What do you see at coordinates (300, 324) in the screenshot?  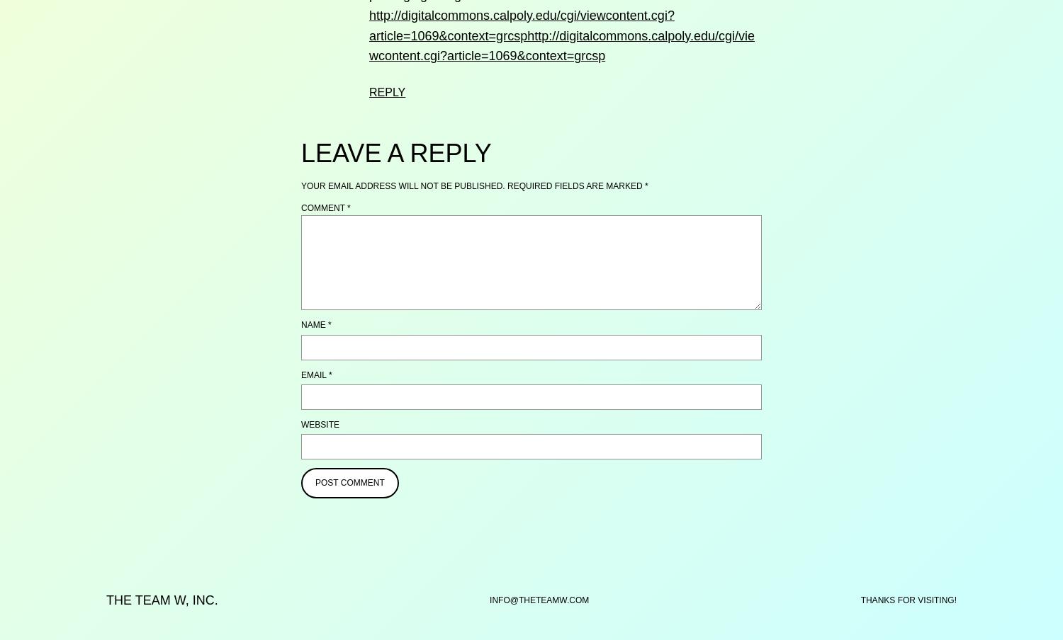 I see `'Name'` at bounding box center [300, 324].